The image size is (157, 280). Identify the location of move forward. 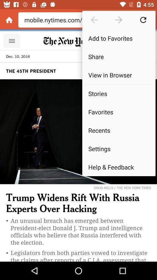
(118, 20).